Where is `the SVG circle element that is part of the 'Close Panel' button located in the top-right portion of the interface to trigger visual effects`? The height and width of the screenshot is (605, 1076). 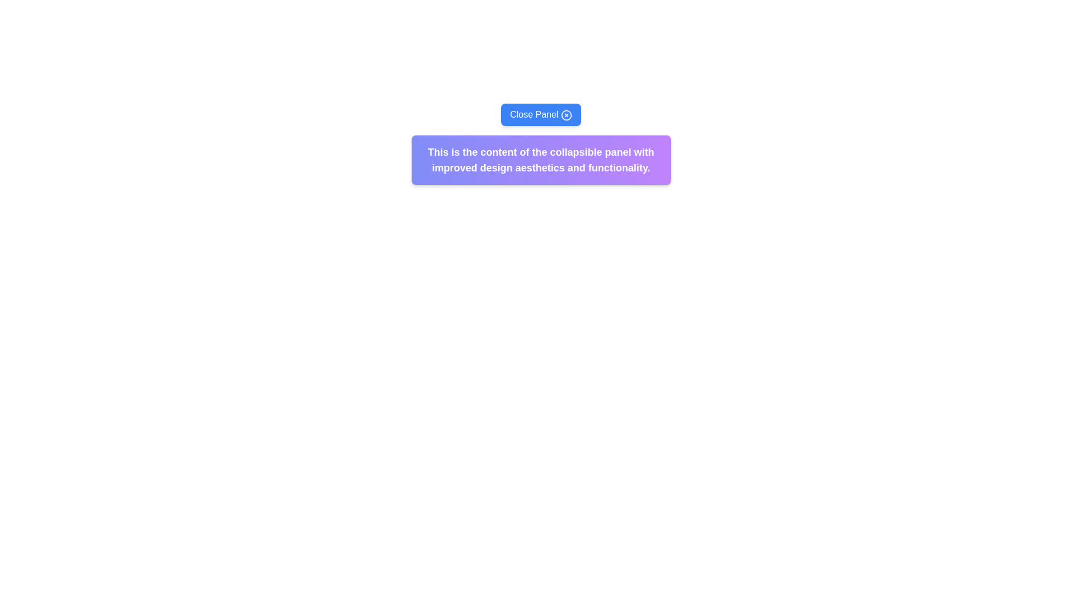
the SVG circle element that is part of the 'Close Panel' button located in the top-right portion of the interface to trigger visual effects is located at coordinates (566, 115).